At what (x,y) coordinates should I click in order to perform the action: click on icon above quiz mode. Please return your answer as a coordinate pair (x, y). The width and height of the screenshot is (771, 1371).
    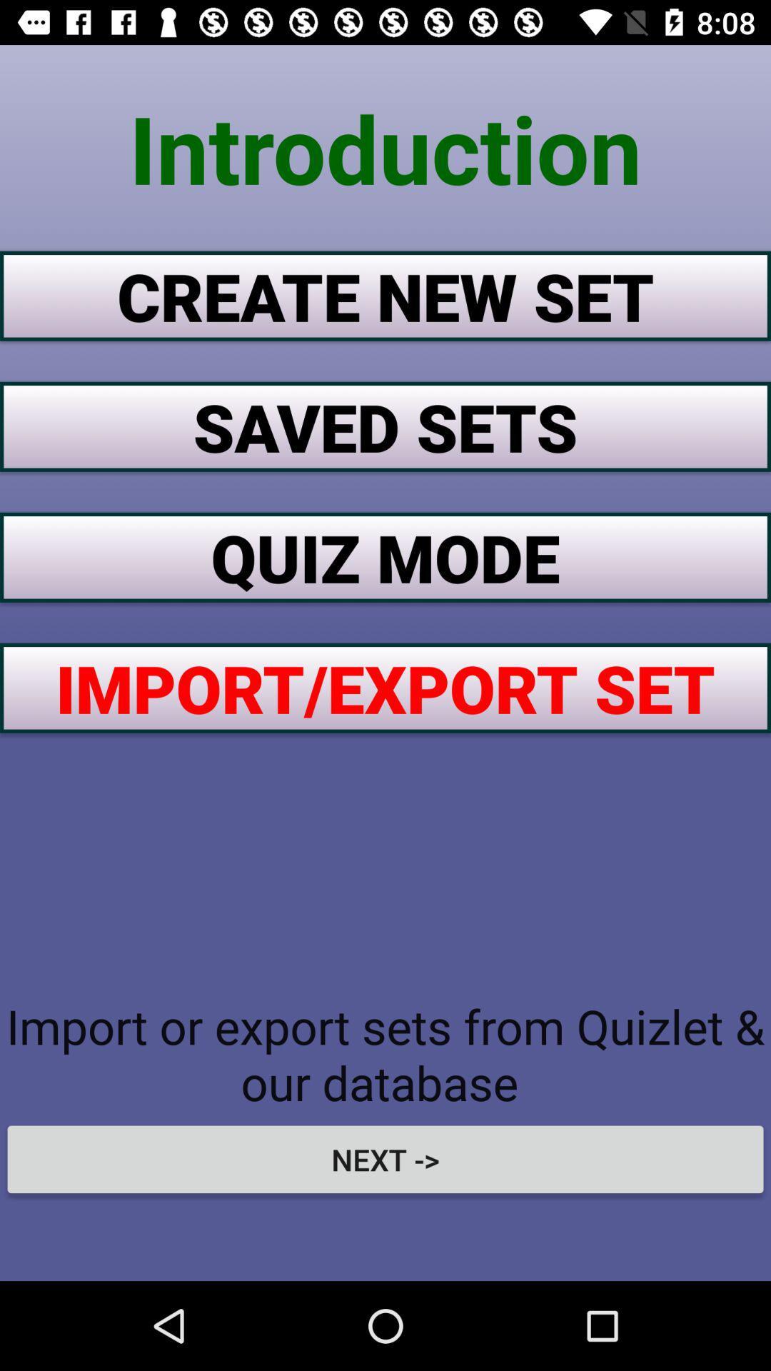
    Looking at the image, I should click on (385, 426).